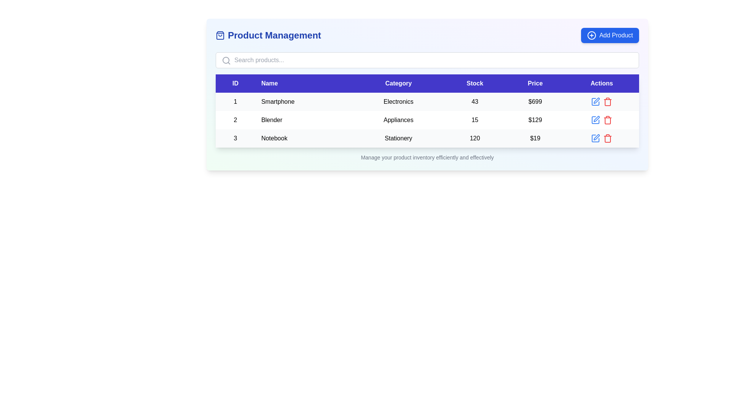 This screenshot has width=733, height=412. What do you see at coordinates (225, 60) in the screenshot?
I see `the circular vector graphical element representing the magnifying glass lens, which is part of the search icon located to the left side of the input box in the search bar at the top of the main content area` at bounding box center [225, 60].